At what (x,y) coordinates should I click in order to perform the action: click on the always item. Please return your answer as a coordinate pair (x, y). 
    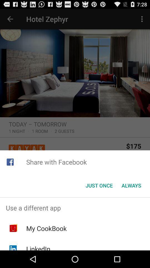
    Looking at the image, I should click on (131, 185).